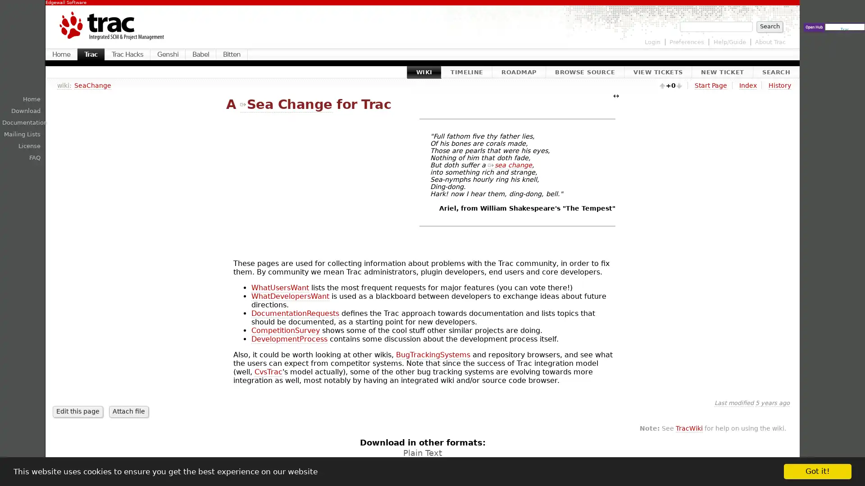 The image size is (865, 486). Describe the element at coordinates (77, 411) in the screenshot. I see `Edit this page` at that location.